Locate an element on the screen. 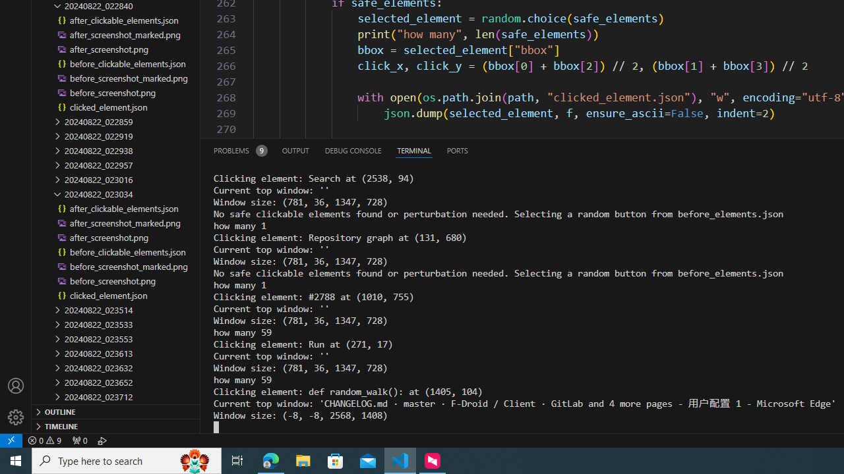  'Debug Console (Ctrl+Shift+Y)' is located at coordinates (353, 149).